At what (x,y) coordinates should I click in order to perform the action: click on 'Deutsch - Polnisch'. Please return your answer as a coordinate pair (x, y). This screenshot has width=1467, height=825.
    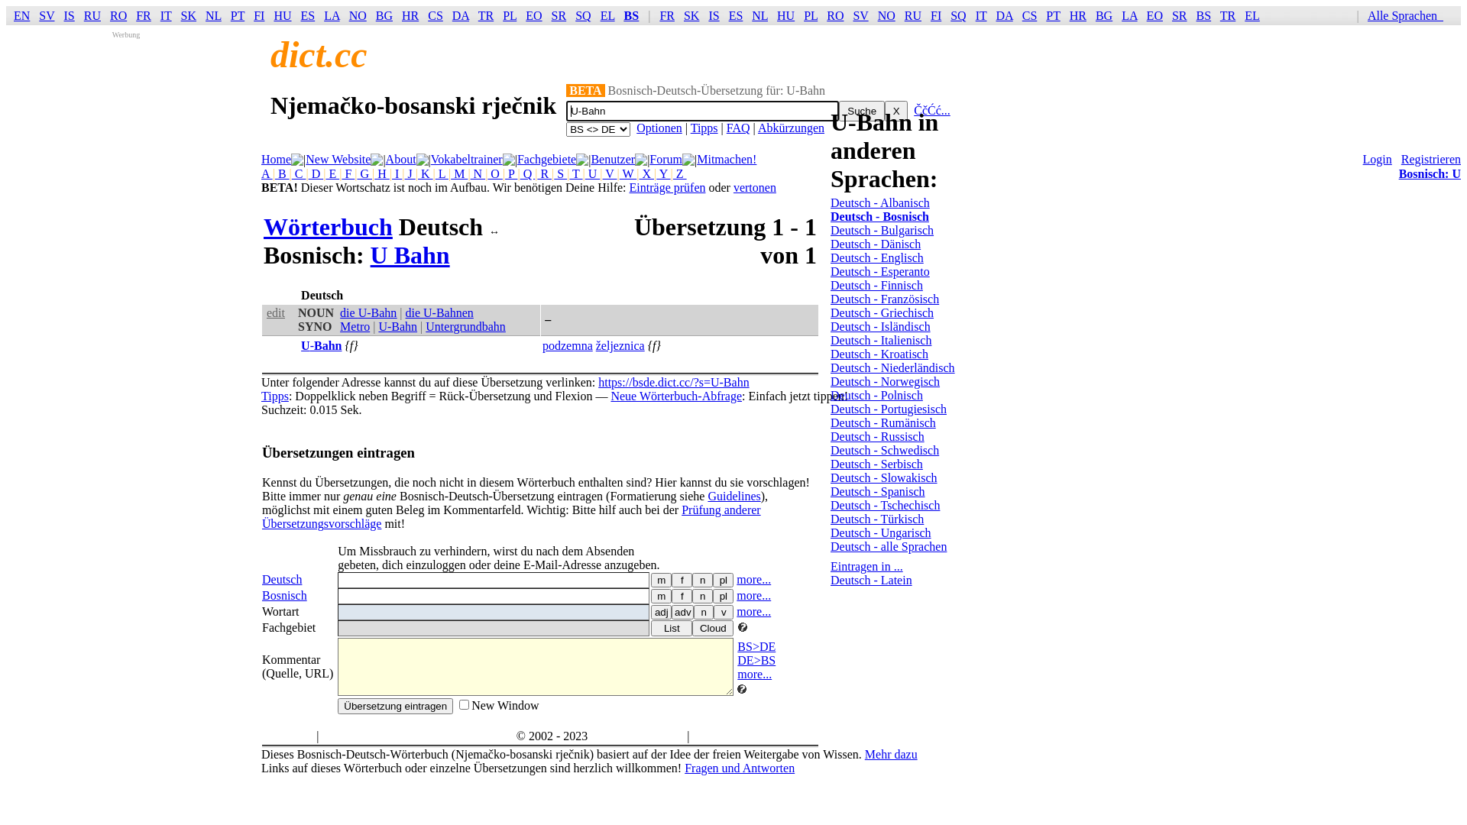
    Looking at the image, I should click on (876, 394).